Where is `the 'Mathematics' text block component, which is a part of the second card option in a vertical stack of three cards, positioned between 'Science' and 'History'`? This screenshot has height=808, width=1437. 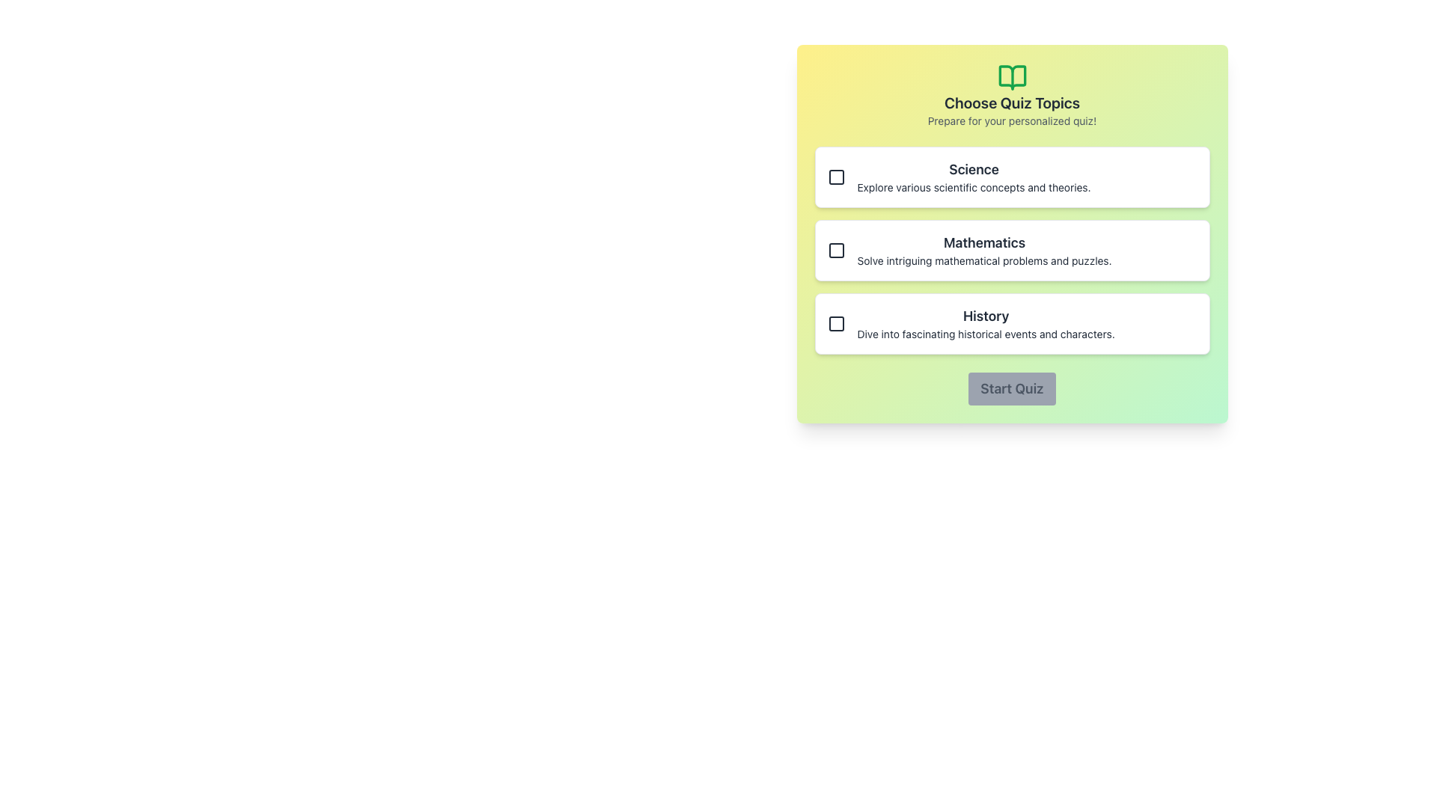 the 'Mathematics' text block component, which is a part of the second card option in a vertical stack of three cards, positioned between 'Science' and 'History' is located at coordinates (984, 250).